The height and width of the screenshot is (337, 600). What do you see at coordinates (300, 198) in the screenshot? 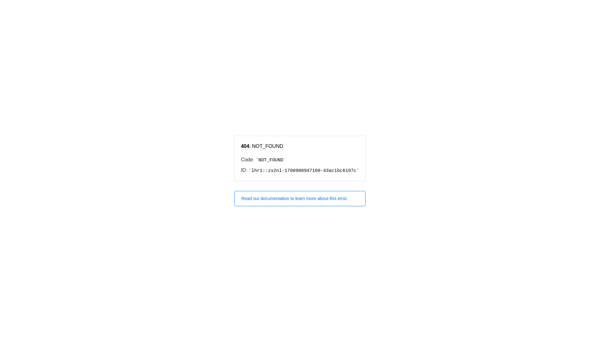
I see `'Read our documentation to learn more about this error.'` at bounding box center [300, 198].